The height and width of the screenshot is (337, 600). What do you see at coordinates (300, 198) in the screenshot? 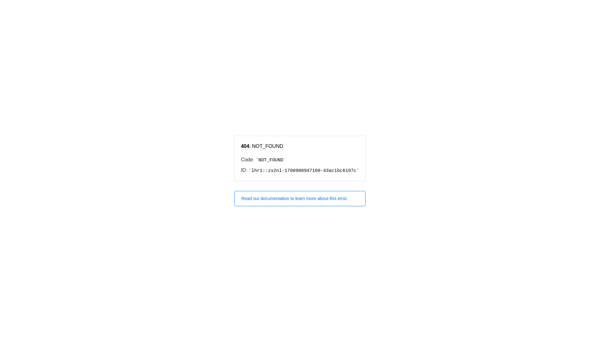
I see `'Read our documentation to learn more about this error.'` at bounding box center [300, 198].